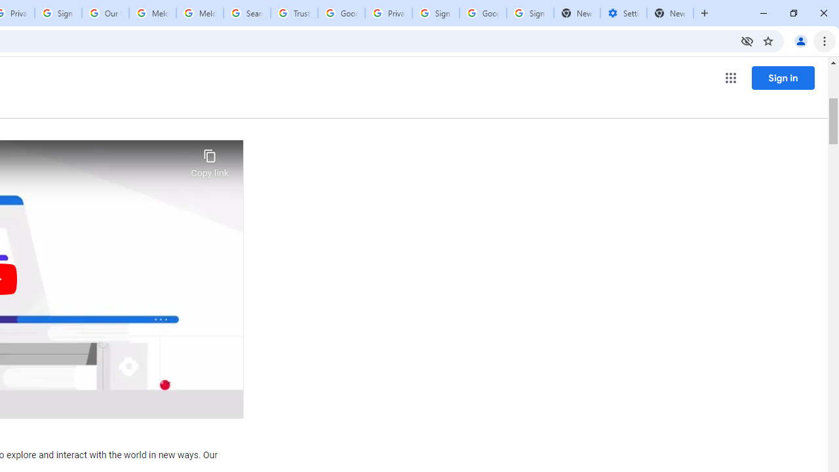 Image resolution: width=839 pixels, height=472 pixels. Describe the element at coordinates (623, 13) in the screenshot. I see `'Settings - Addresses and more'` at that location.